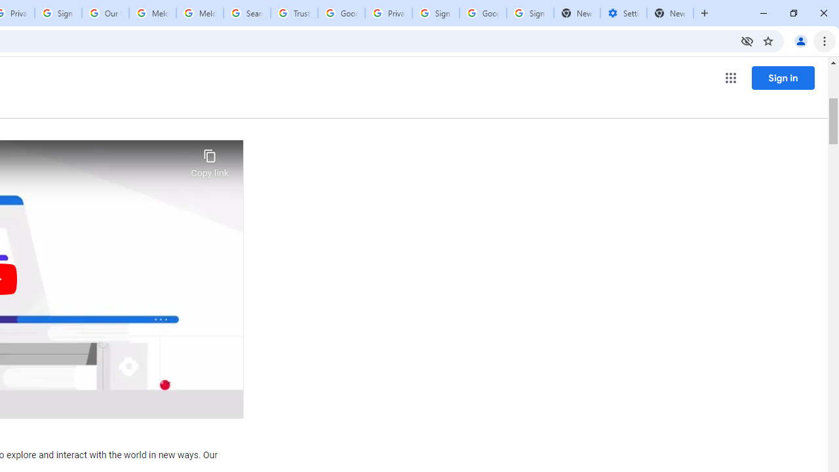 Image resolution: width=839 pixels, height=472 pixels. Describe the element at coordinates (623, 13) in the screenshot. I see `'Settings - Addresses and more'` at that location.